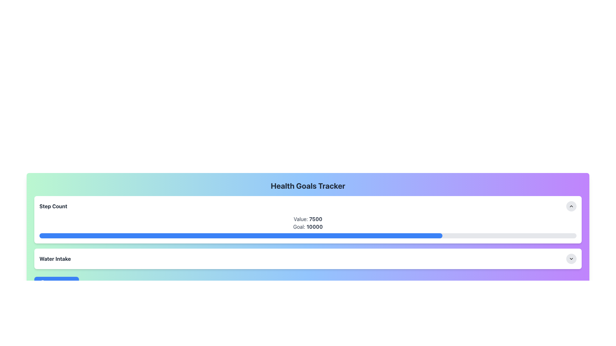 This screenshot has width=616, height=346. What do you see at coordinates (42, 283) in the screenshot?
I see `the SVG circle located in the bottom-left corner of the interface, which is part of a plus icon component` at bounding box center [42, 283].